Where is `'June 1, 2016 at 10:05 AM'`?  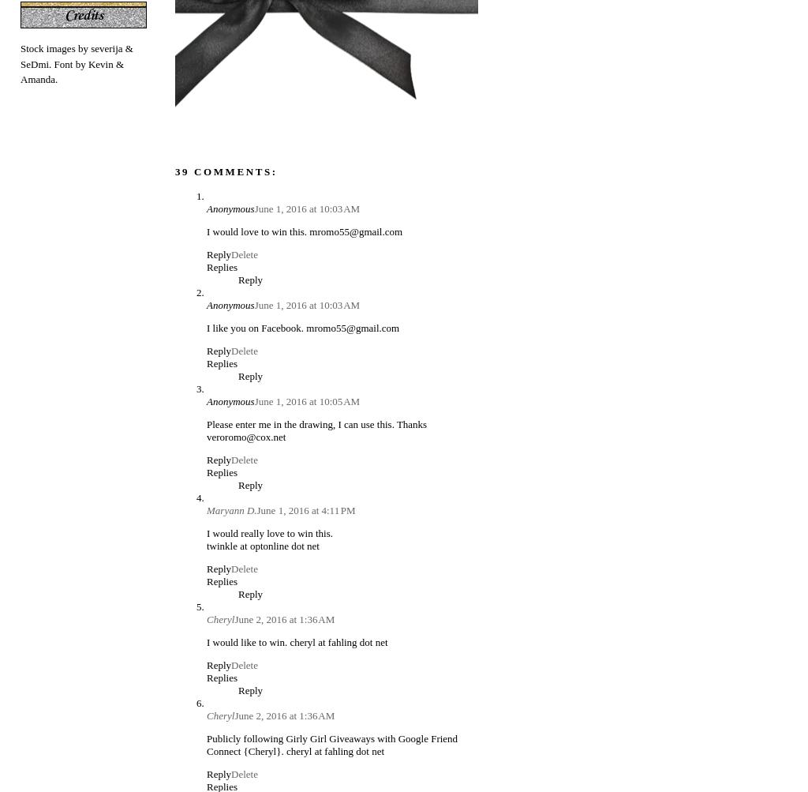 'June 1, 2016 at 10:05 AM' is located at coordinates (306, 400).